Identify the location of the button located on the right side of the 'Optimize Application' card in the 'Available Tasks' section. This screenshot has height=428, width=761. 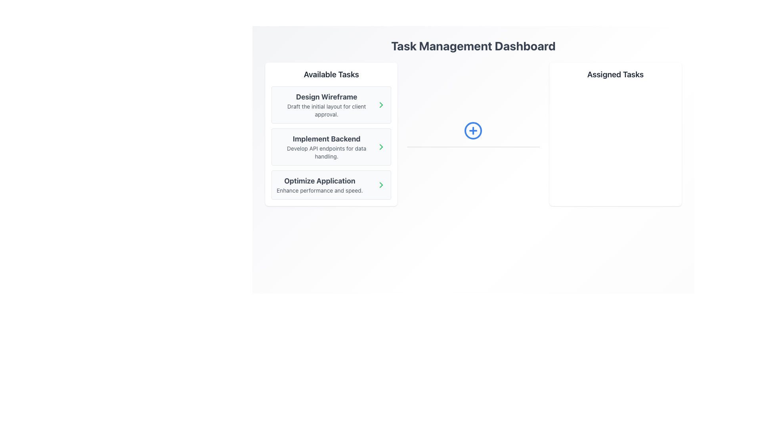
(381, 185).